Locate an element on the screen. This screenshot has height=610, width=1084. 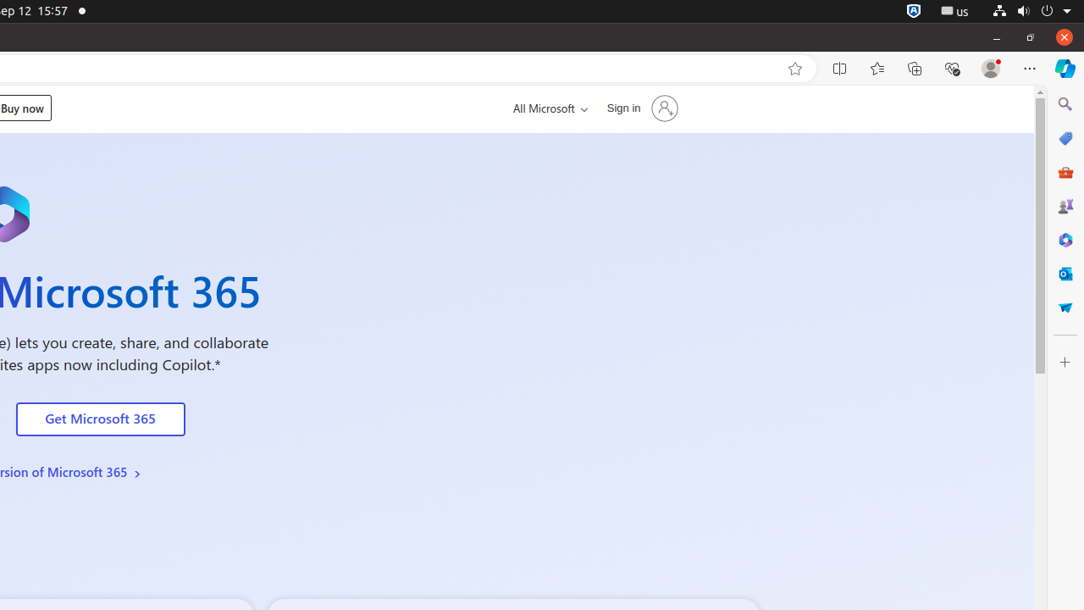
'Add this page to favorites (Ctrl+D)' is located at coordinates (794, 68).